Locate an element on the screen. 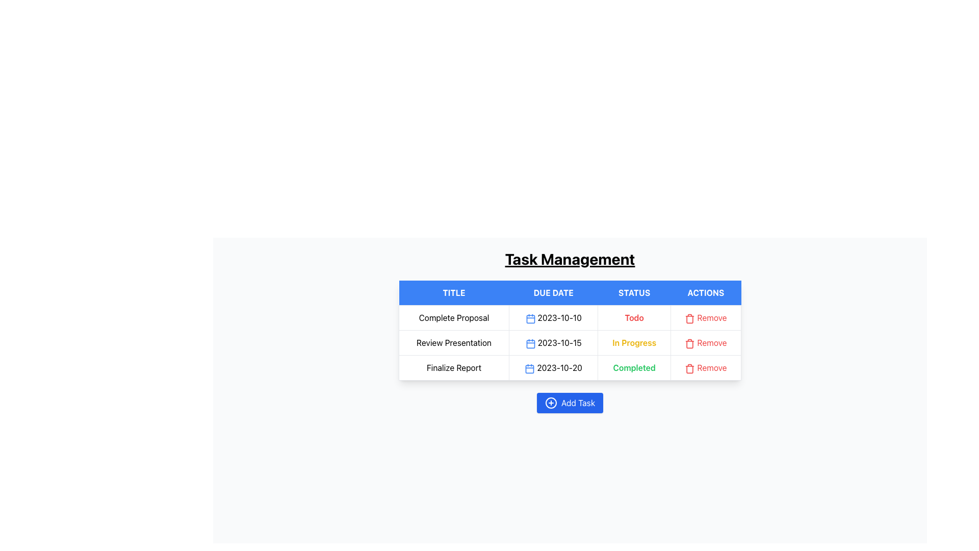  the third 'Remove' action button in the 'Actions' column of the task management table is located at coordinates (705, 368).